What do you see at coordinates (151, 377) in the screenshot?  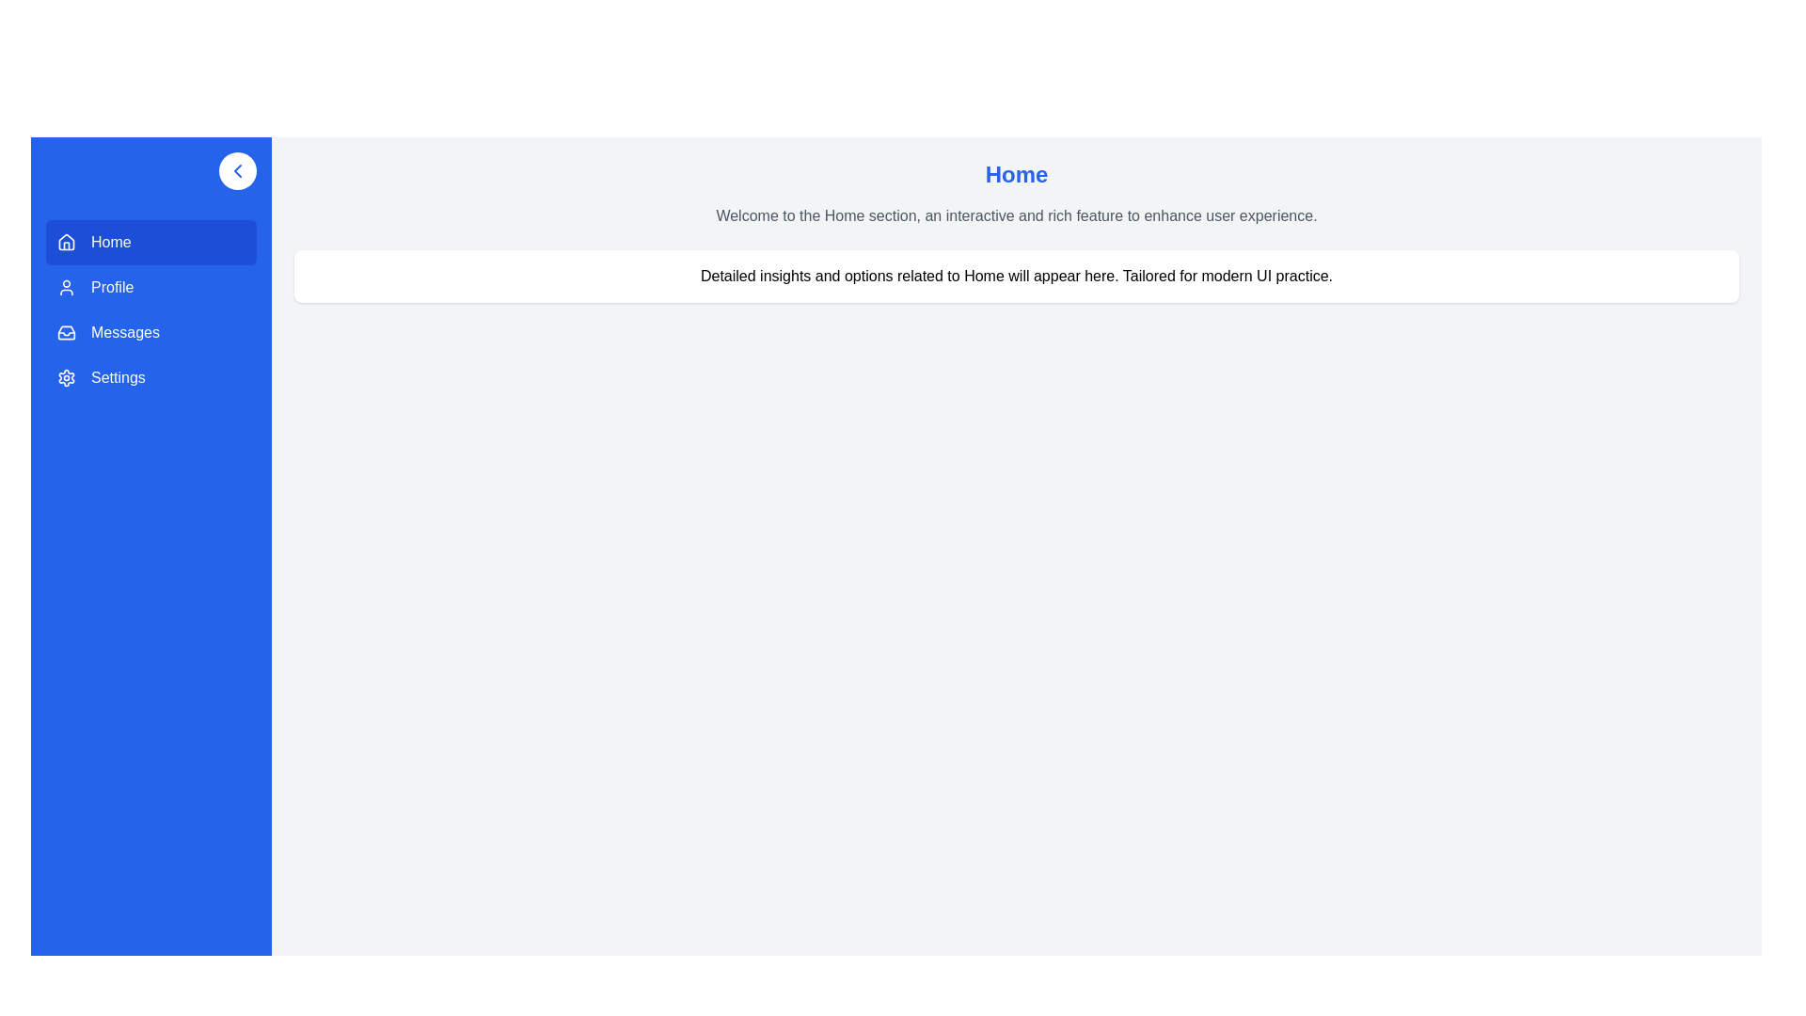 I see `the menu item Settings to navigate to its section` at bounding box center [151, 377].